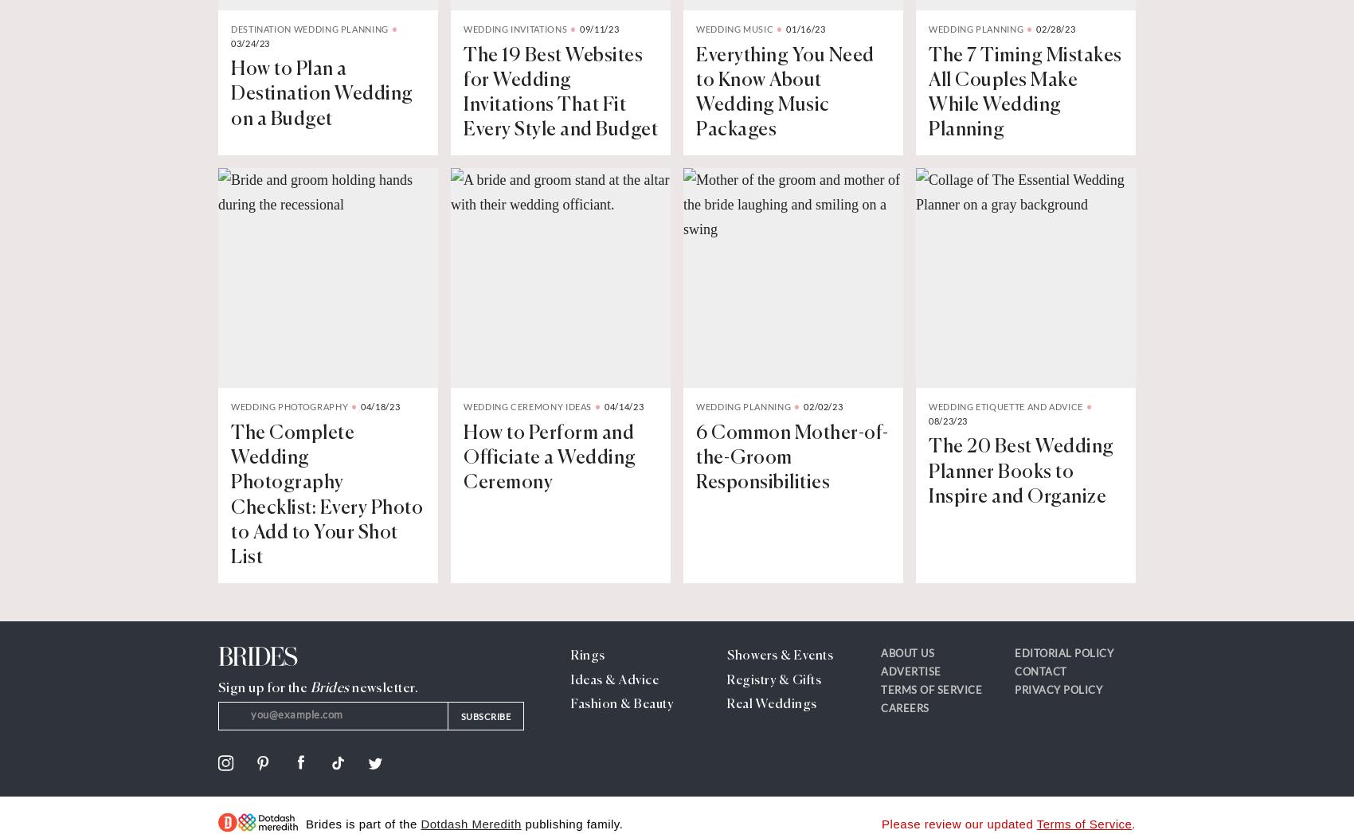 The image size is (1354, 834). Describe the element at coordinates (305, 824) in the screenshot. I see `'Brides is part of the'` at that location.